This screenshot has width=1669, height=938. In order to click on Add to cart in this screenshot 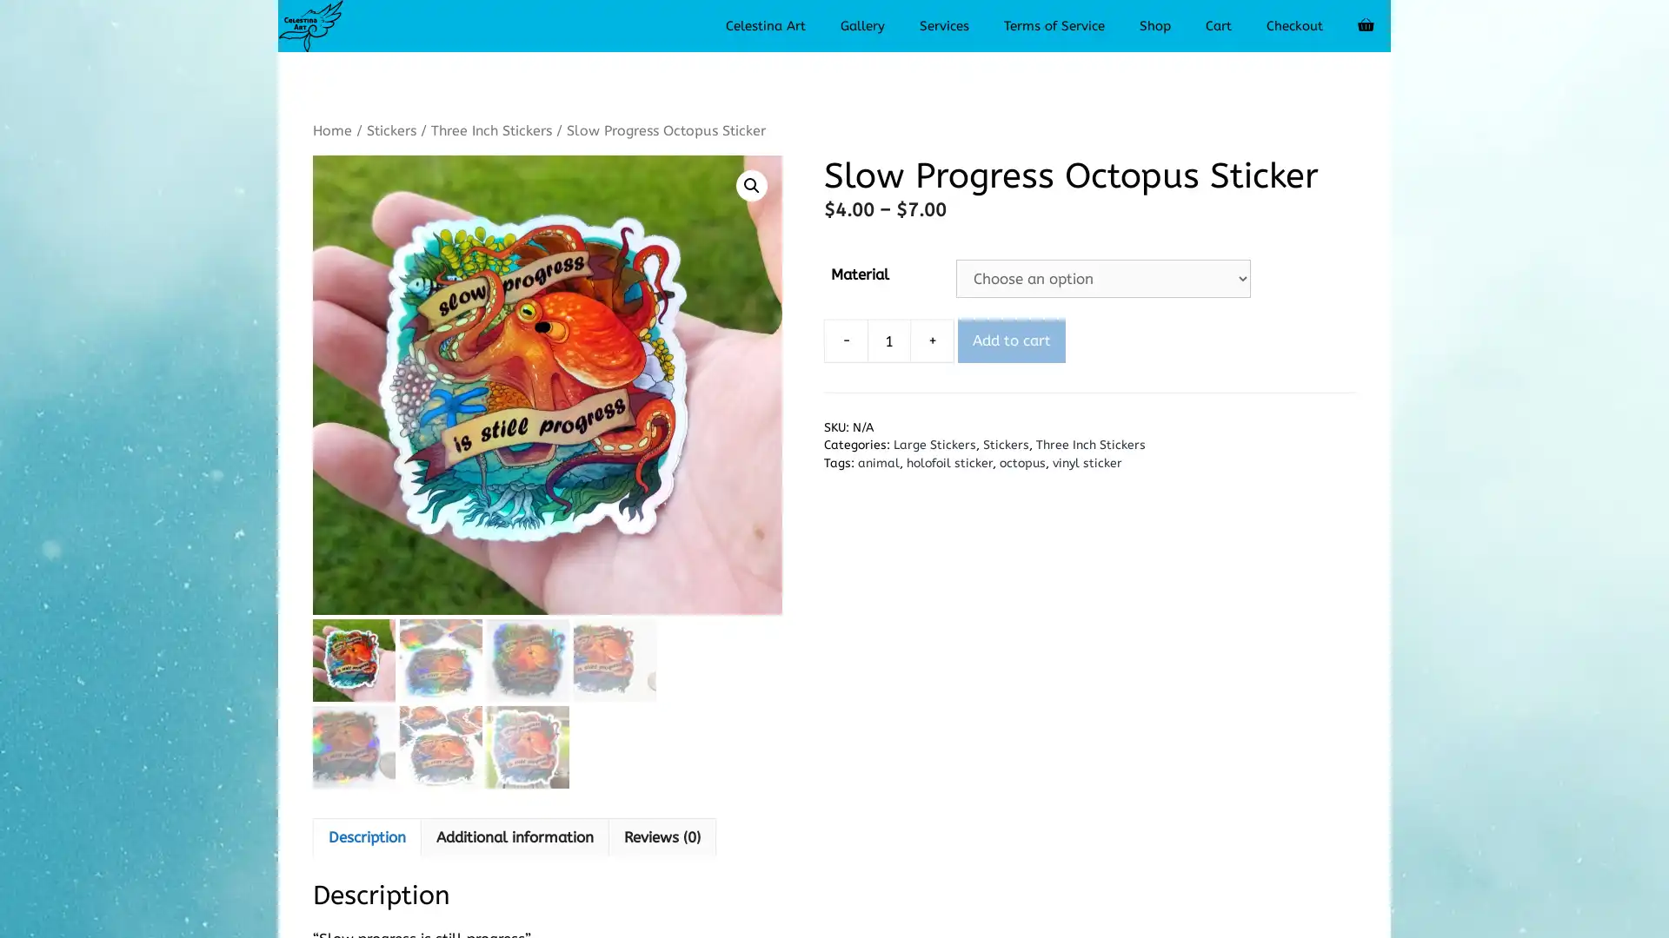, I will do `click(1011, 340)`.